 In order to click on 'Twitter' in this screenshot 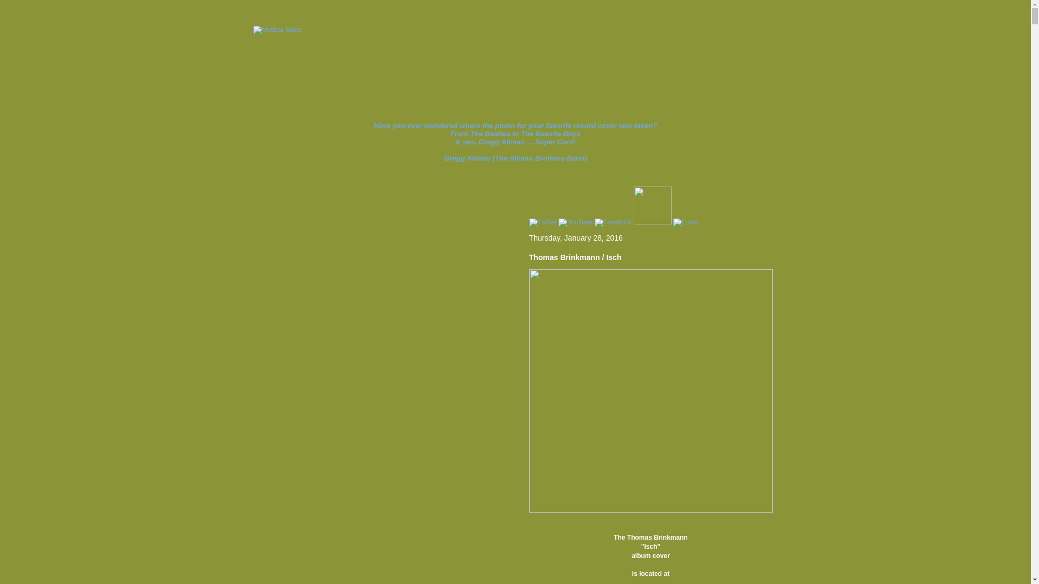, I will do `click(543, 222)`.